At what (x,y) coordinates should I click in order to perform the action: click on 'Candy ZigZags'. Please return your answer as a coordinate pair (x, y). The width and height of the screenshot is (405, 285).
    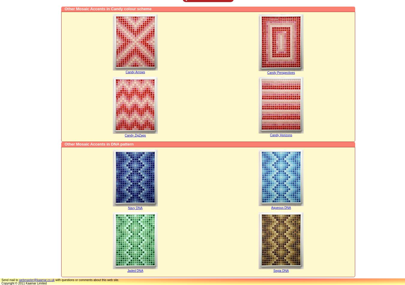
    Looking at the image, I should click on (124, 135).